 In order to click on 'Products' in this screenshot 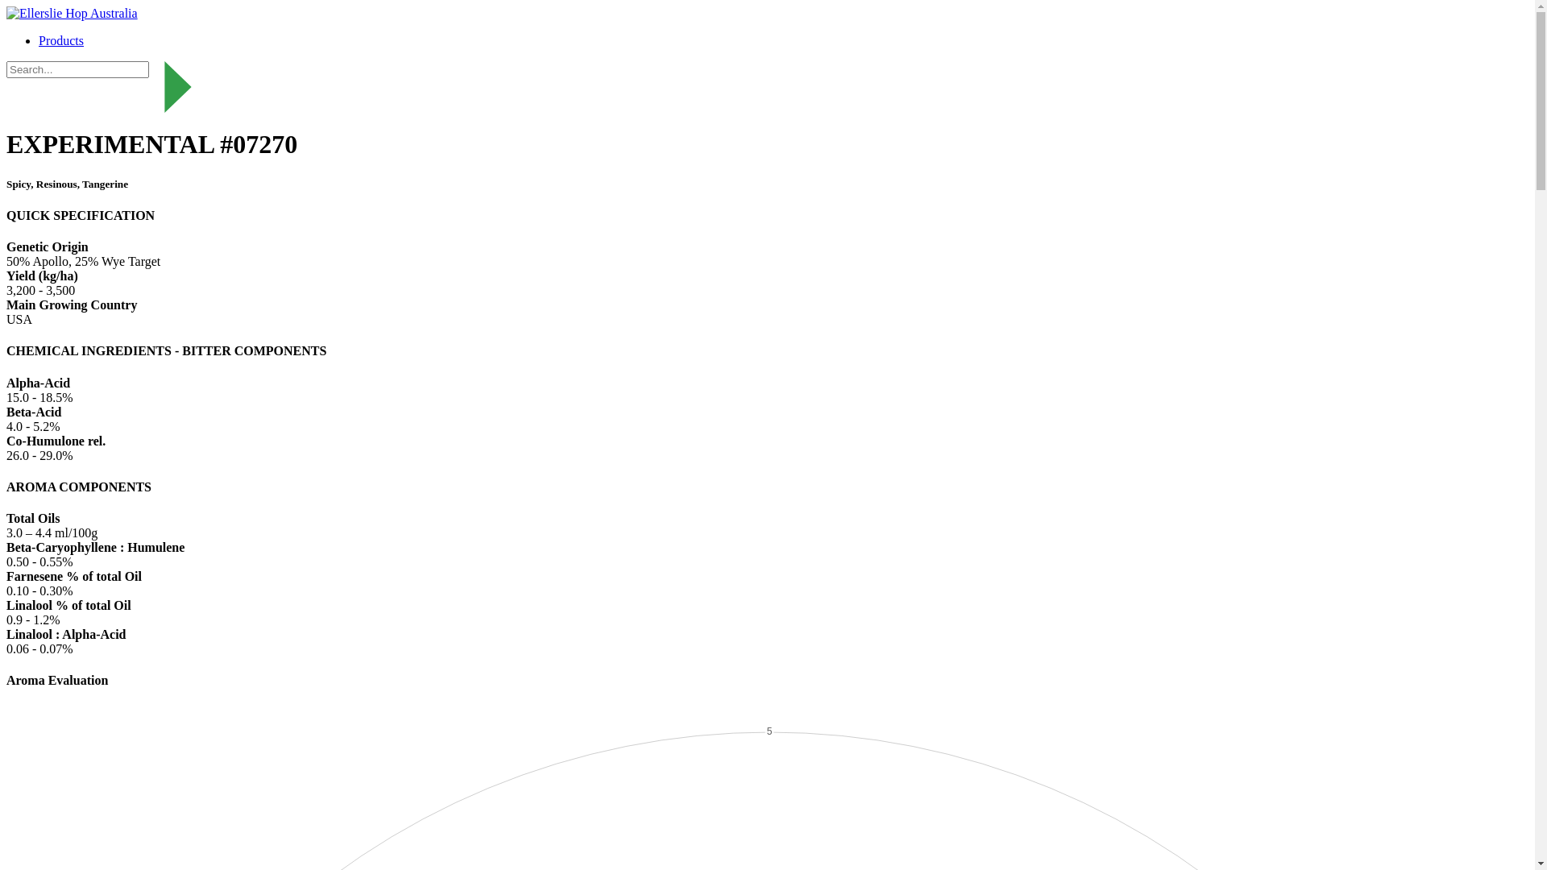, I will do `click(61, 39)`.